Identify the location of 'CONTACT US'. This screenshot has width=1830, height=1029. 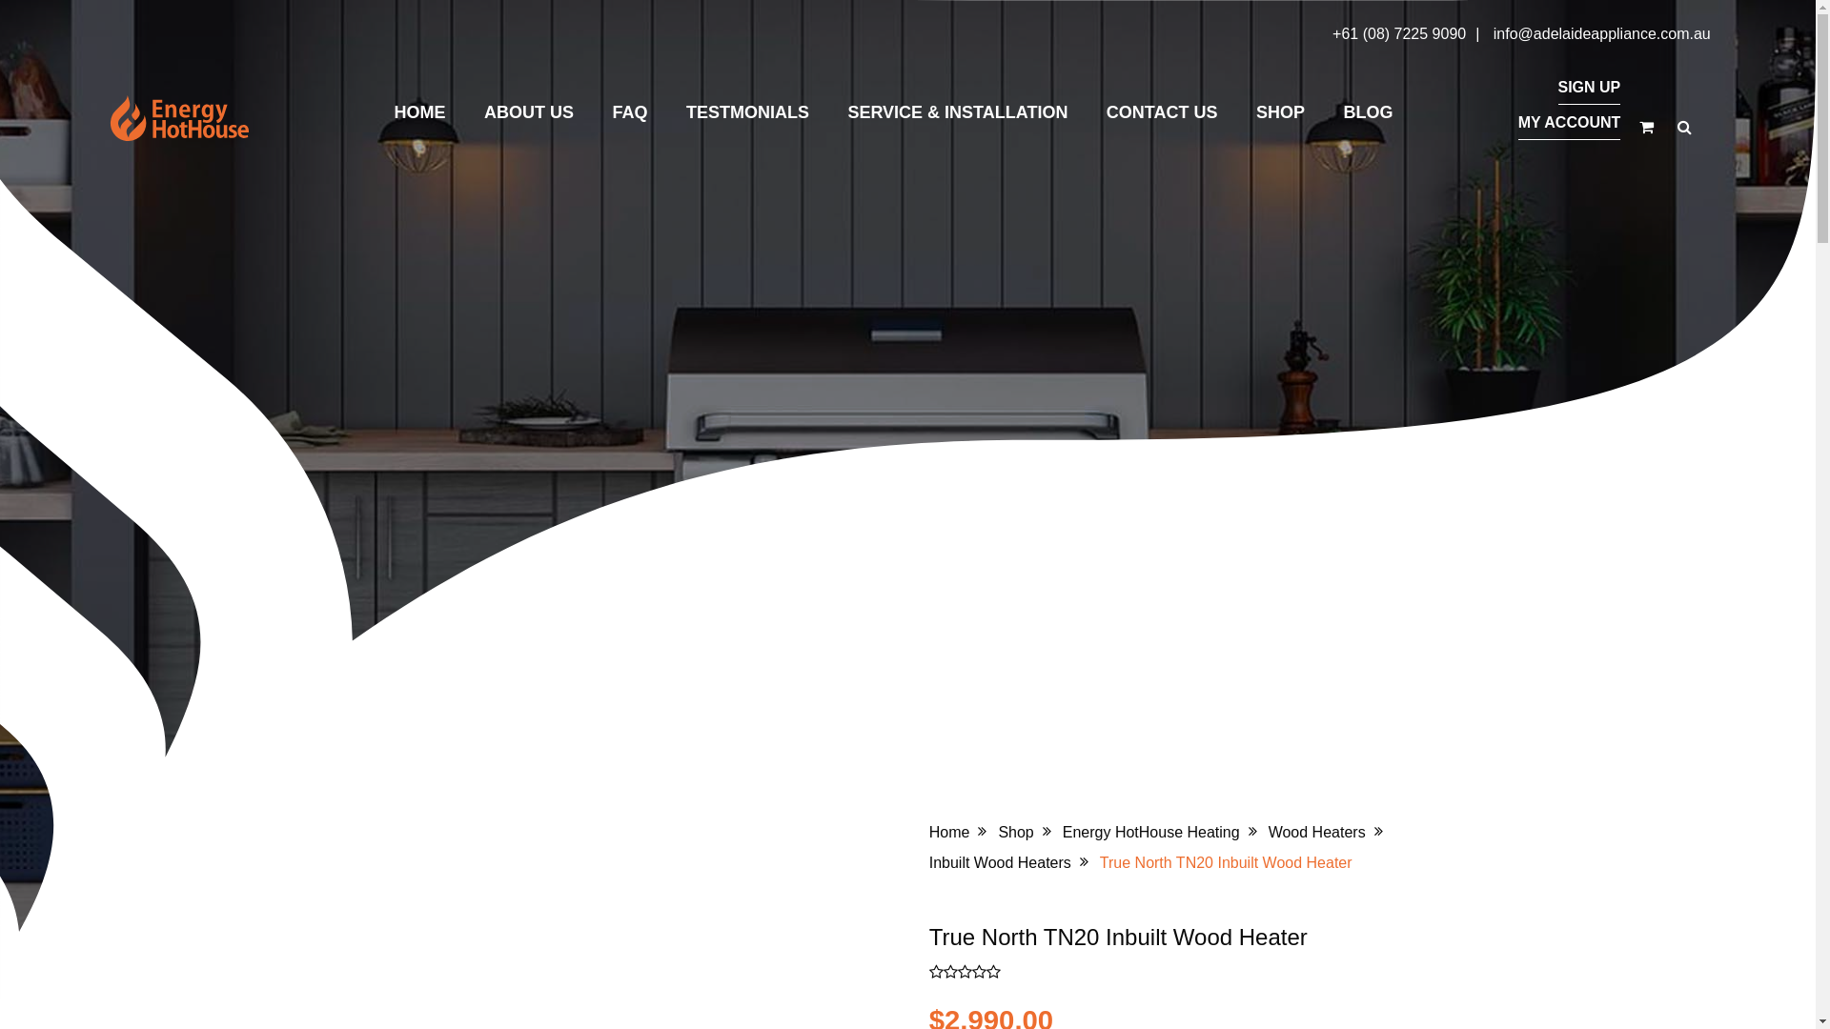
(1098, 112).